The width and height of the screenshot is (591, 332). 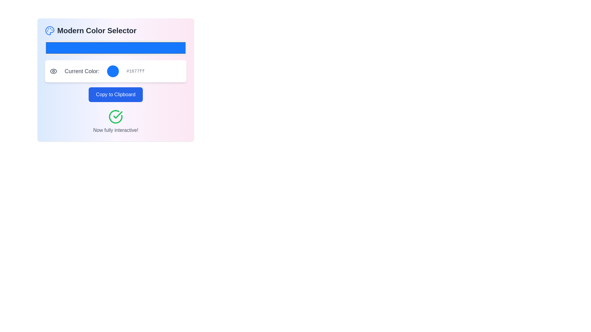 I want to click on the Interactive color selection widget displaying 'Current Color:#1677ff', so click(x=115, y=61).